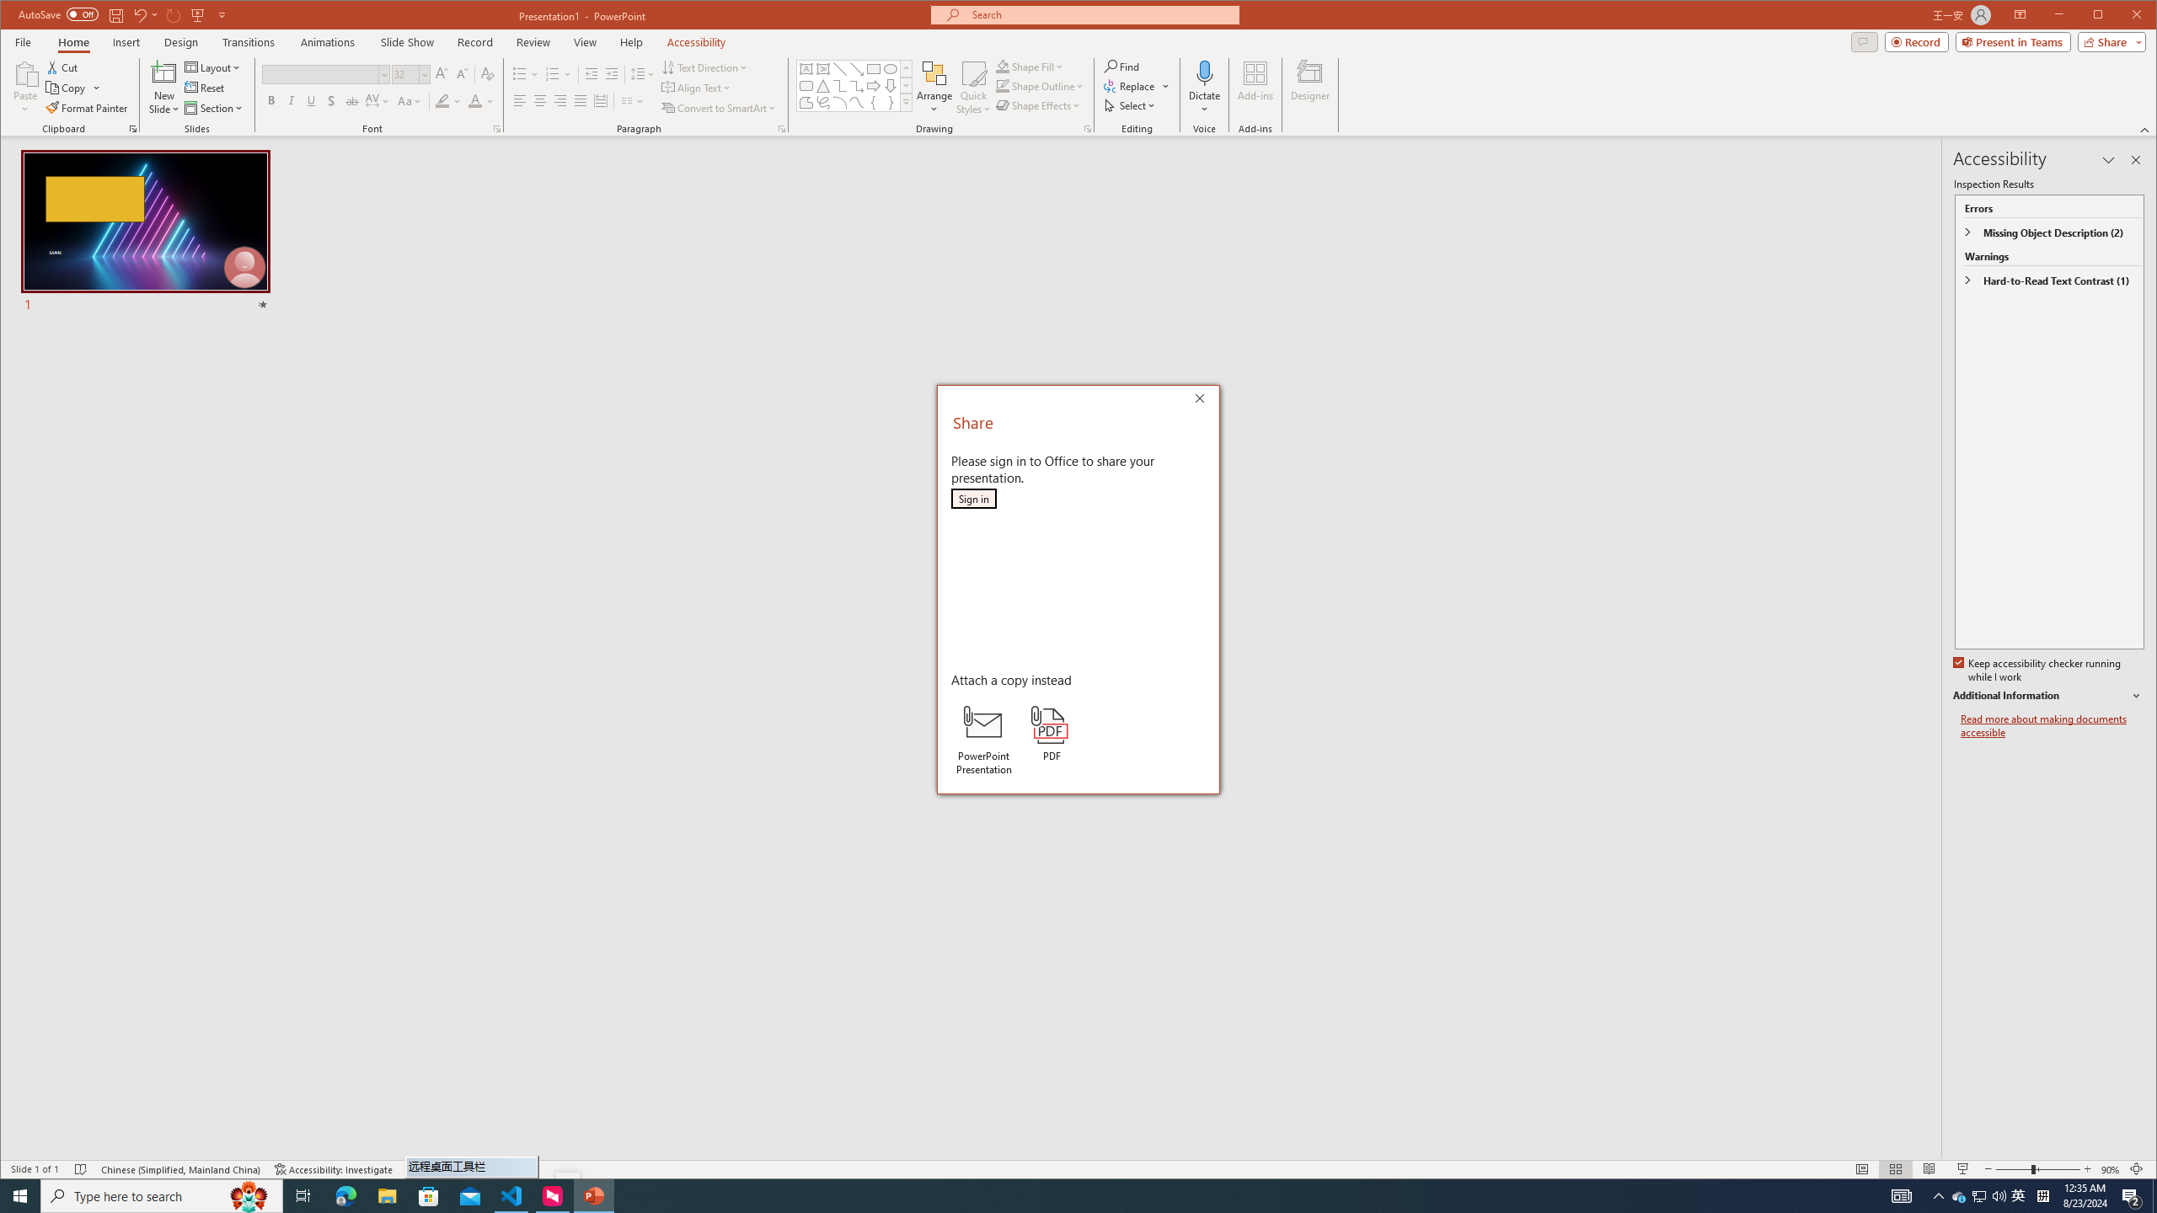 The height and width of the screenshot is (1213, 2157). I want to click on 'PowerPoint Presentation', so click(982, 740).